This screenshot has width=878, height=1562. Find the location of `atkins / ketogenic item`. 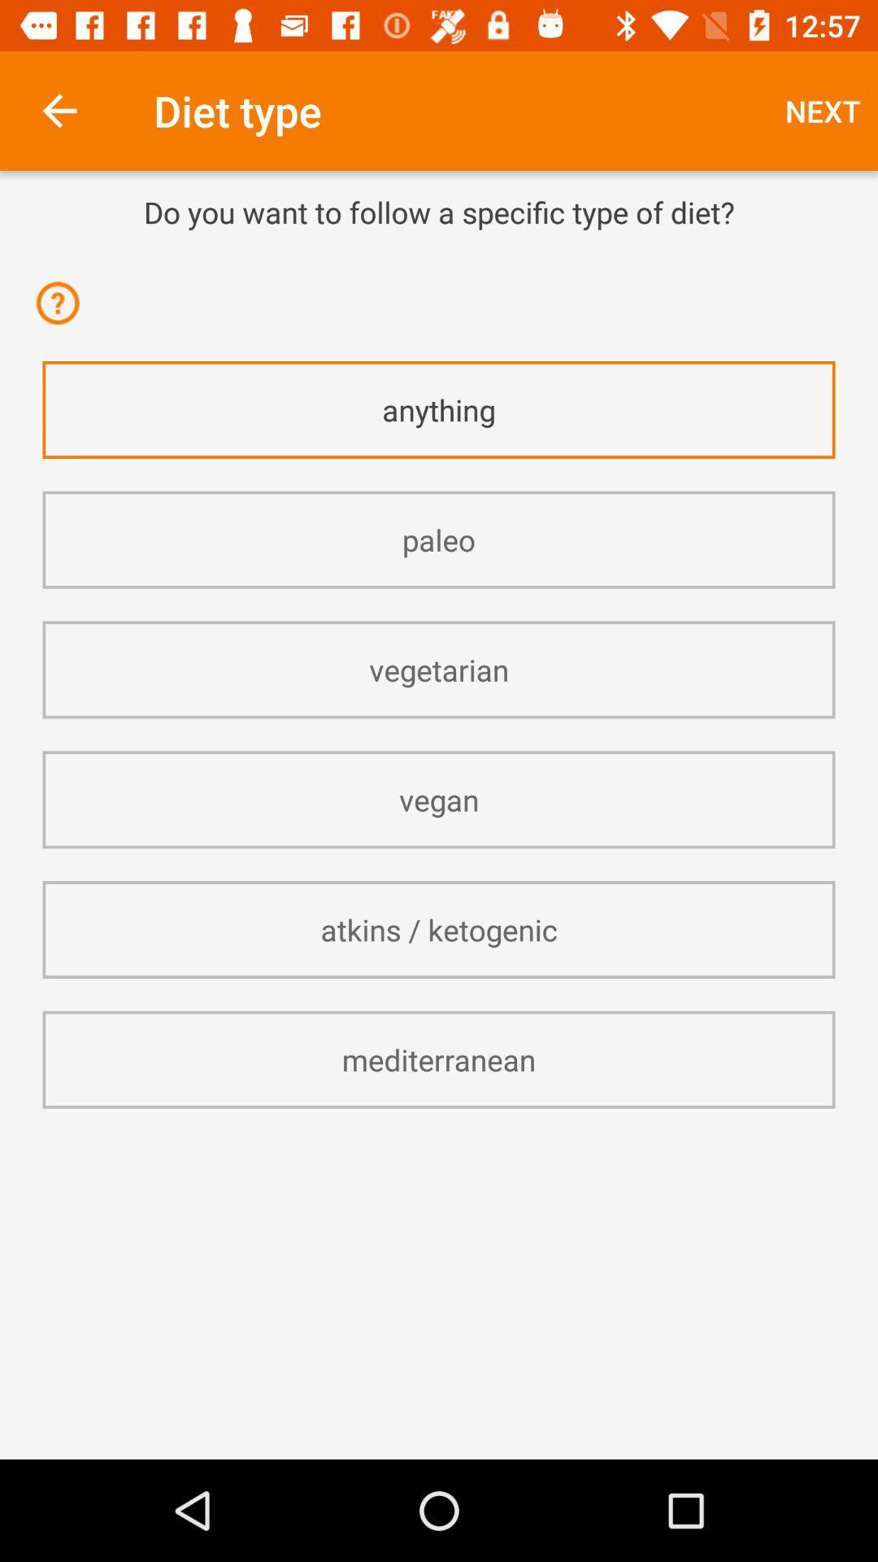

atkins / ketogenic item is located at coordinates (439, 929).